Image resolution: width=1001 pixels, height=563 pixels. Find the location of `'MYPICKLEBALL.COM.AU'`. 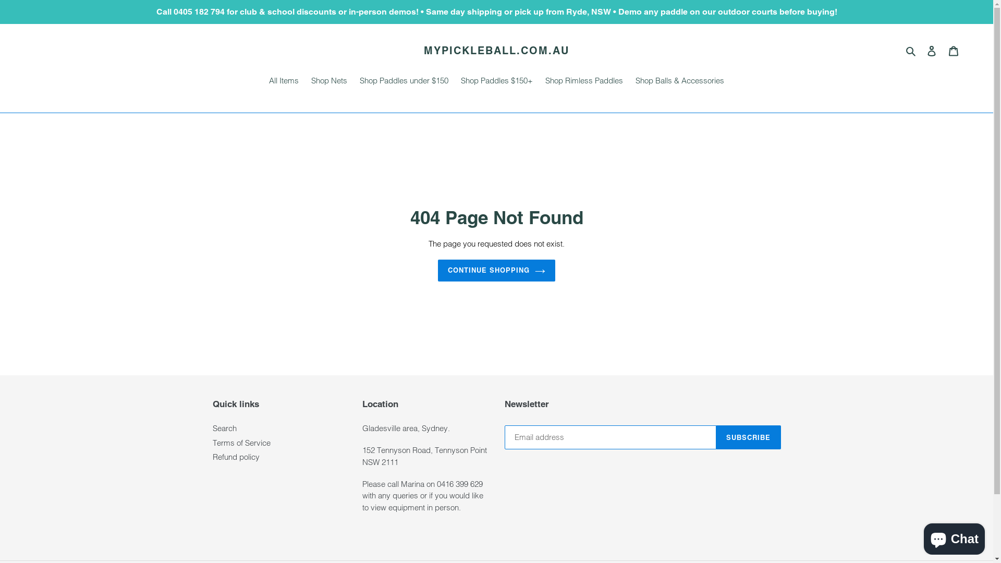

'MYPICKLEBALL.COM.AU' is located at coordinates (496, 50).